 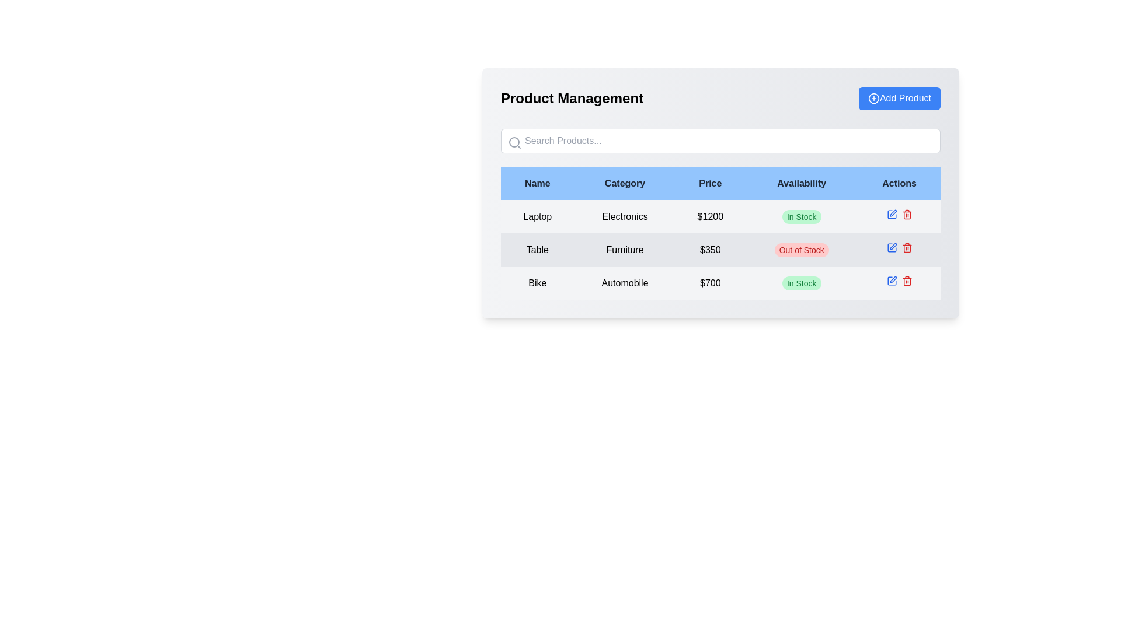 I want to click on the delete icon button located in the 'Actions' column of the last row of the table, adjacent to the 'Bike' product entry, so click(x=906, y=214).